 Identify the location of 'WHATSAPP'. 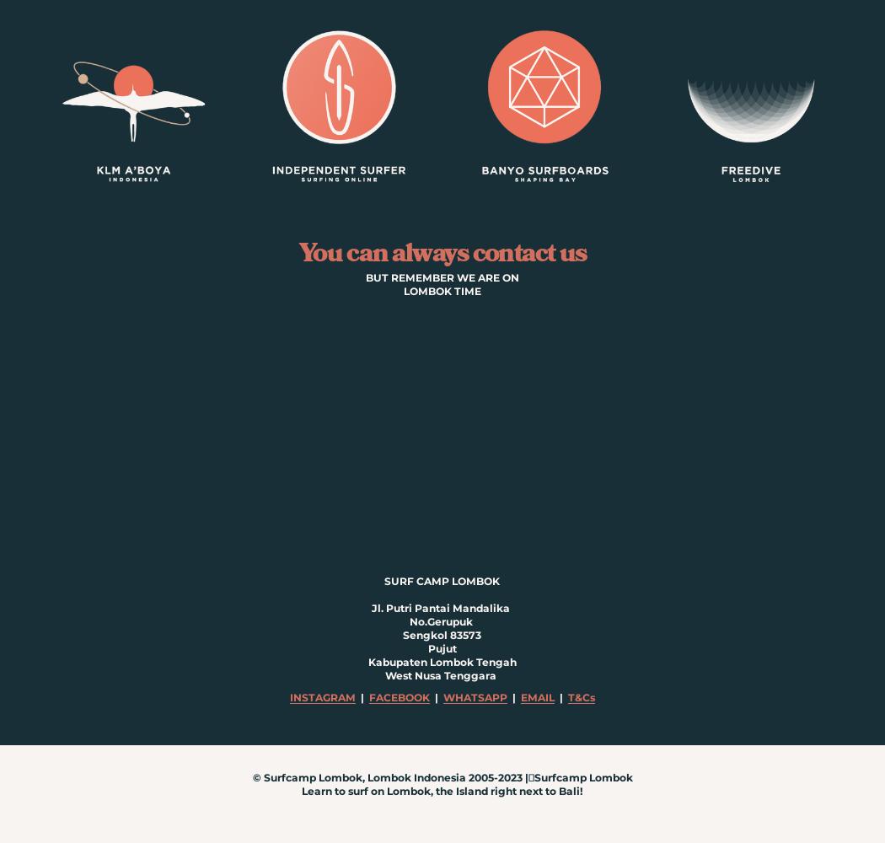
(474, 696).